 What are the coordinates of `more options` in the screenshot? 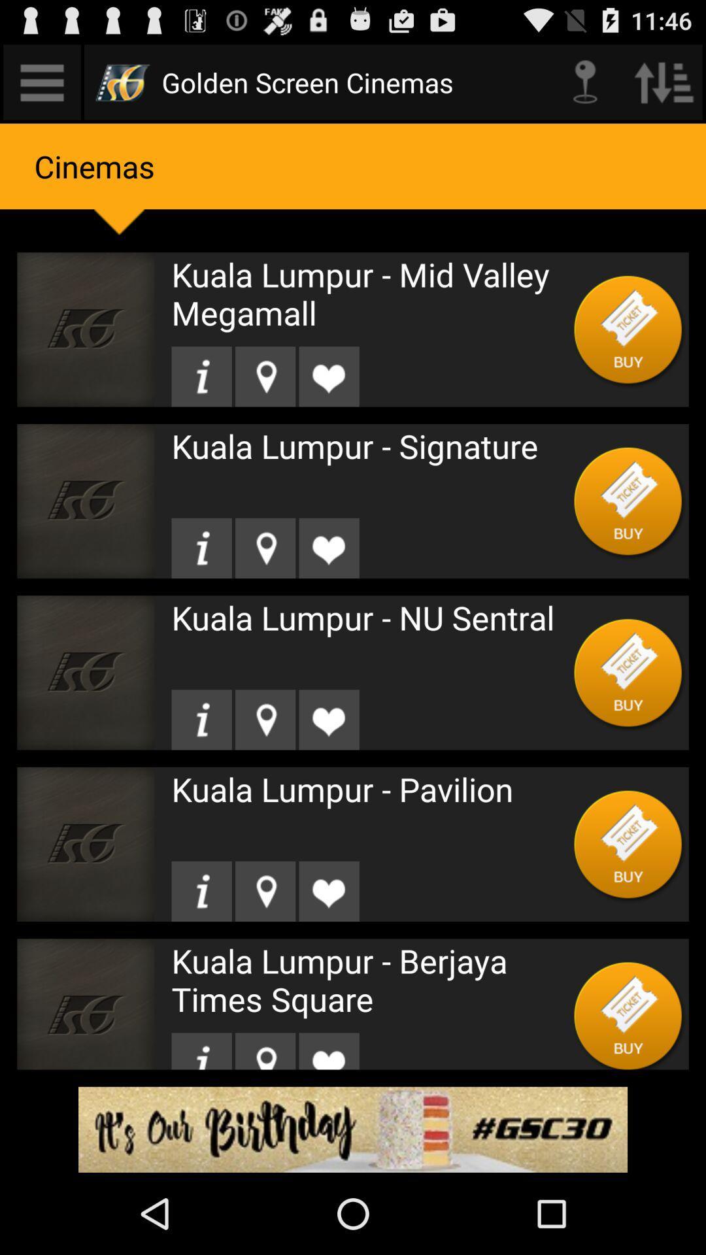 It's located at (41, 81).